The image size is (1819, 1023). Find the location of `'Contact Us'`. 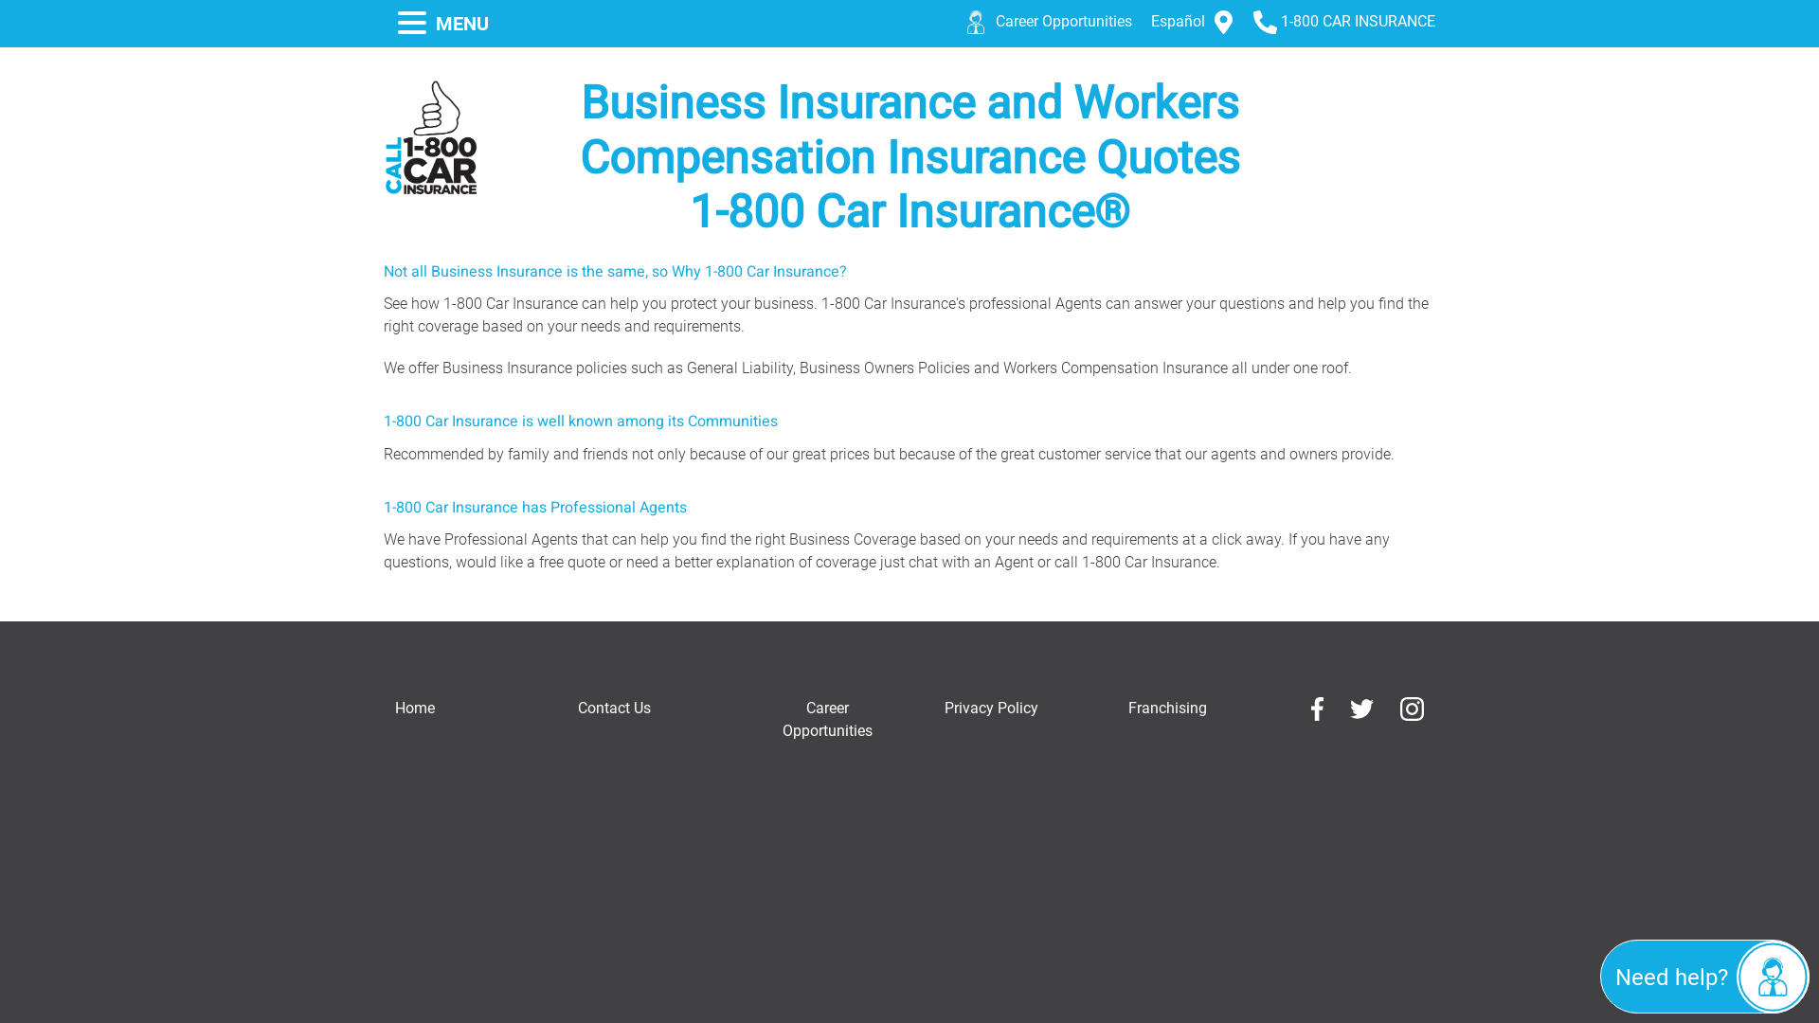

'Contact Us' is located at coordinates (614, 709).